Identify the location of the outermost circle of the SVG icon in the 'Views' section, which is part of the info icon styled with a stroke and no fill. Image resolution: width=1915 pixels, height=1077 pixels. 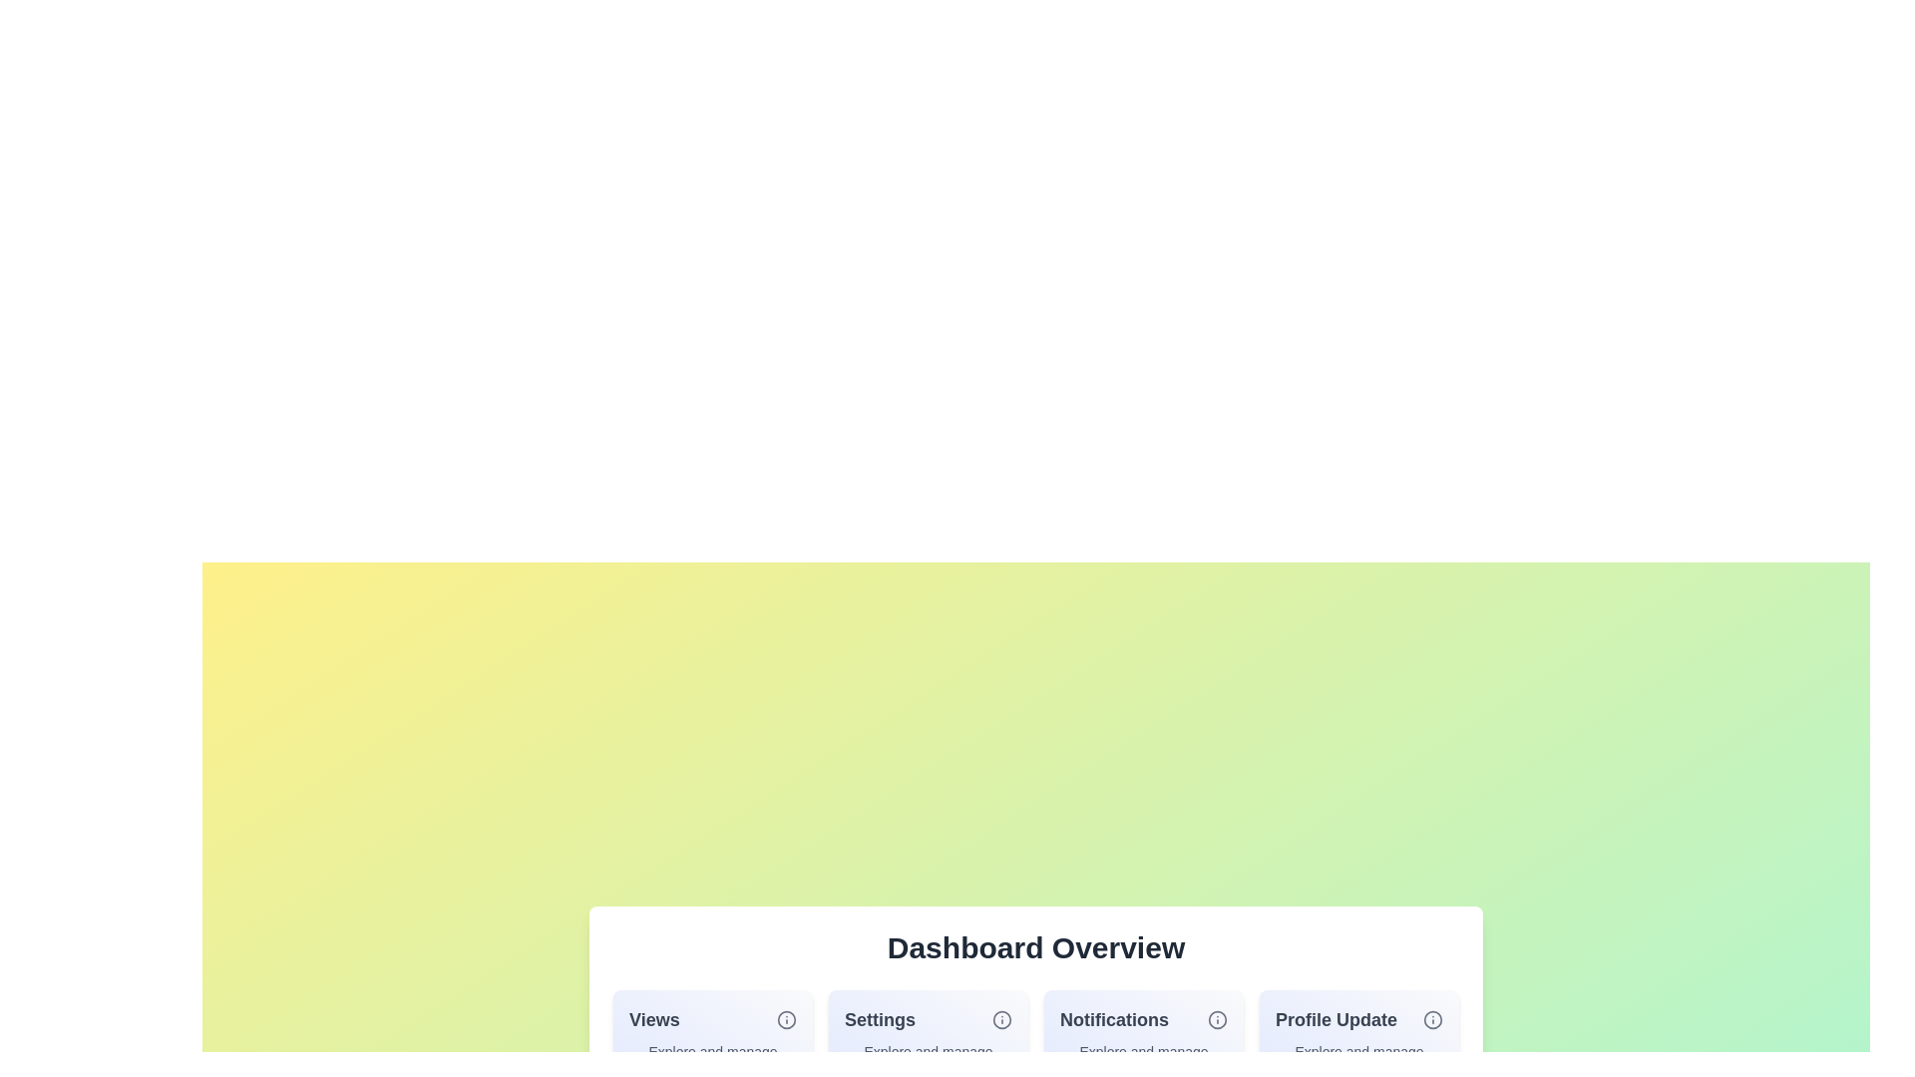
(785, 1019).